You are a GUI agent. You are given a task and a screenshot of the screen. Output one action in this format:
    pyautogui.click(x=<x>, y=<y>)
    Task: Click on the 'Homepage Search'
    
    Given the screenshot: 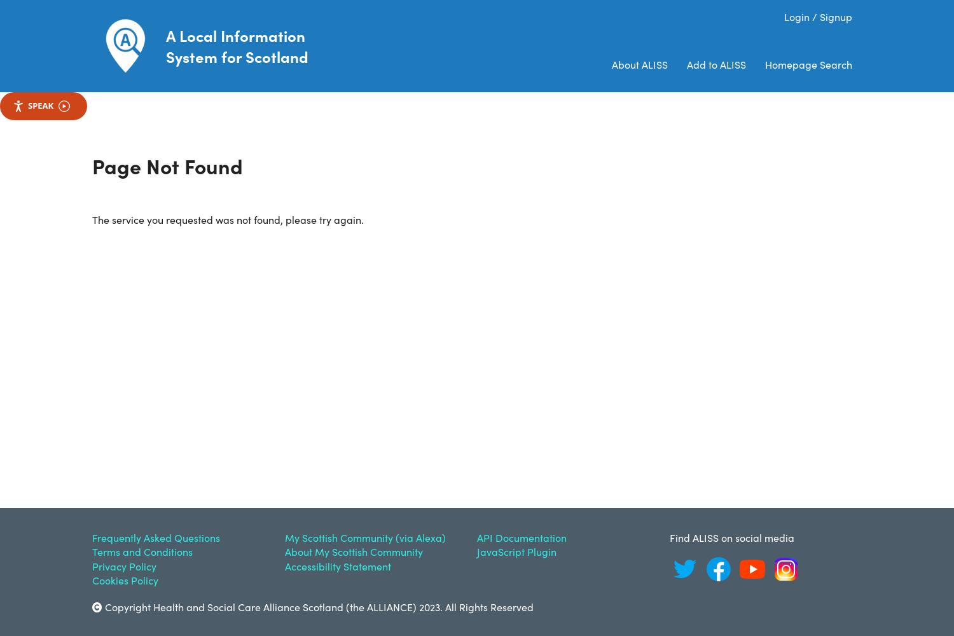 What is the action you would take?
    pyautogui.click(x=764, y=64)
    